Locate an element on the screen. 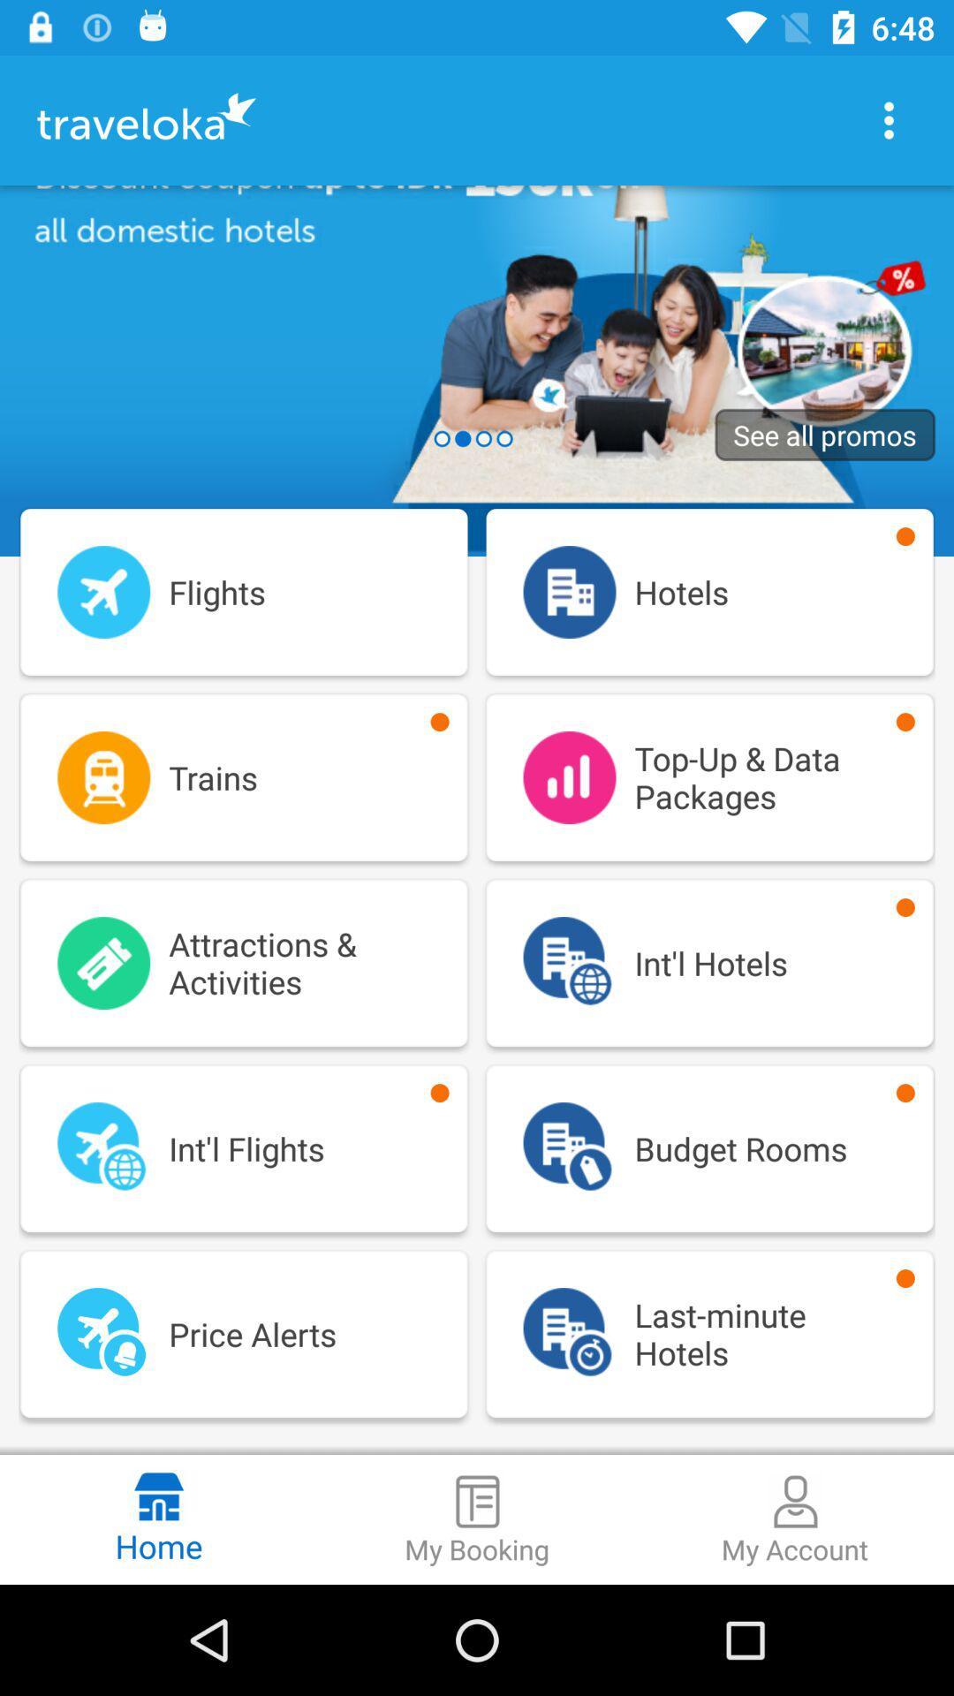  more is located at coordinates (889, 119).